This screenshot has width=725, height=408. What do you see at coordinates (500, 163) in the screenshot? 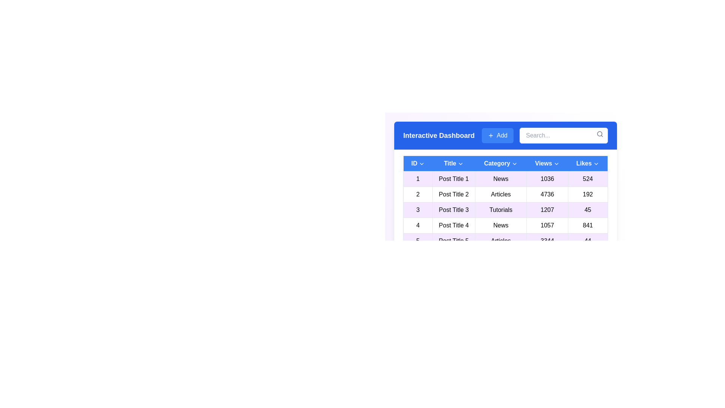
I see `the column header to sort by Category` at bounding box center [500, 163].